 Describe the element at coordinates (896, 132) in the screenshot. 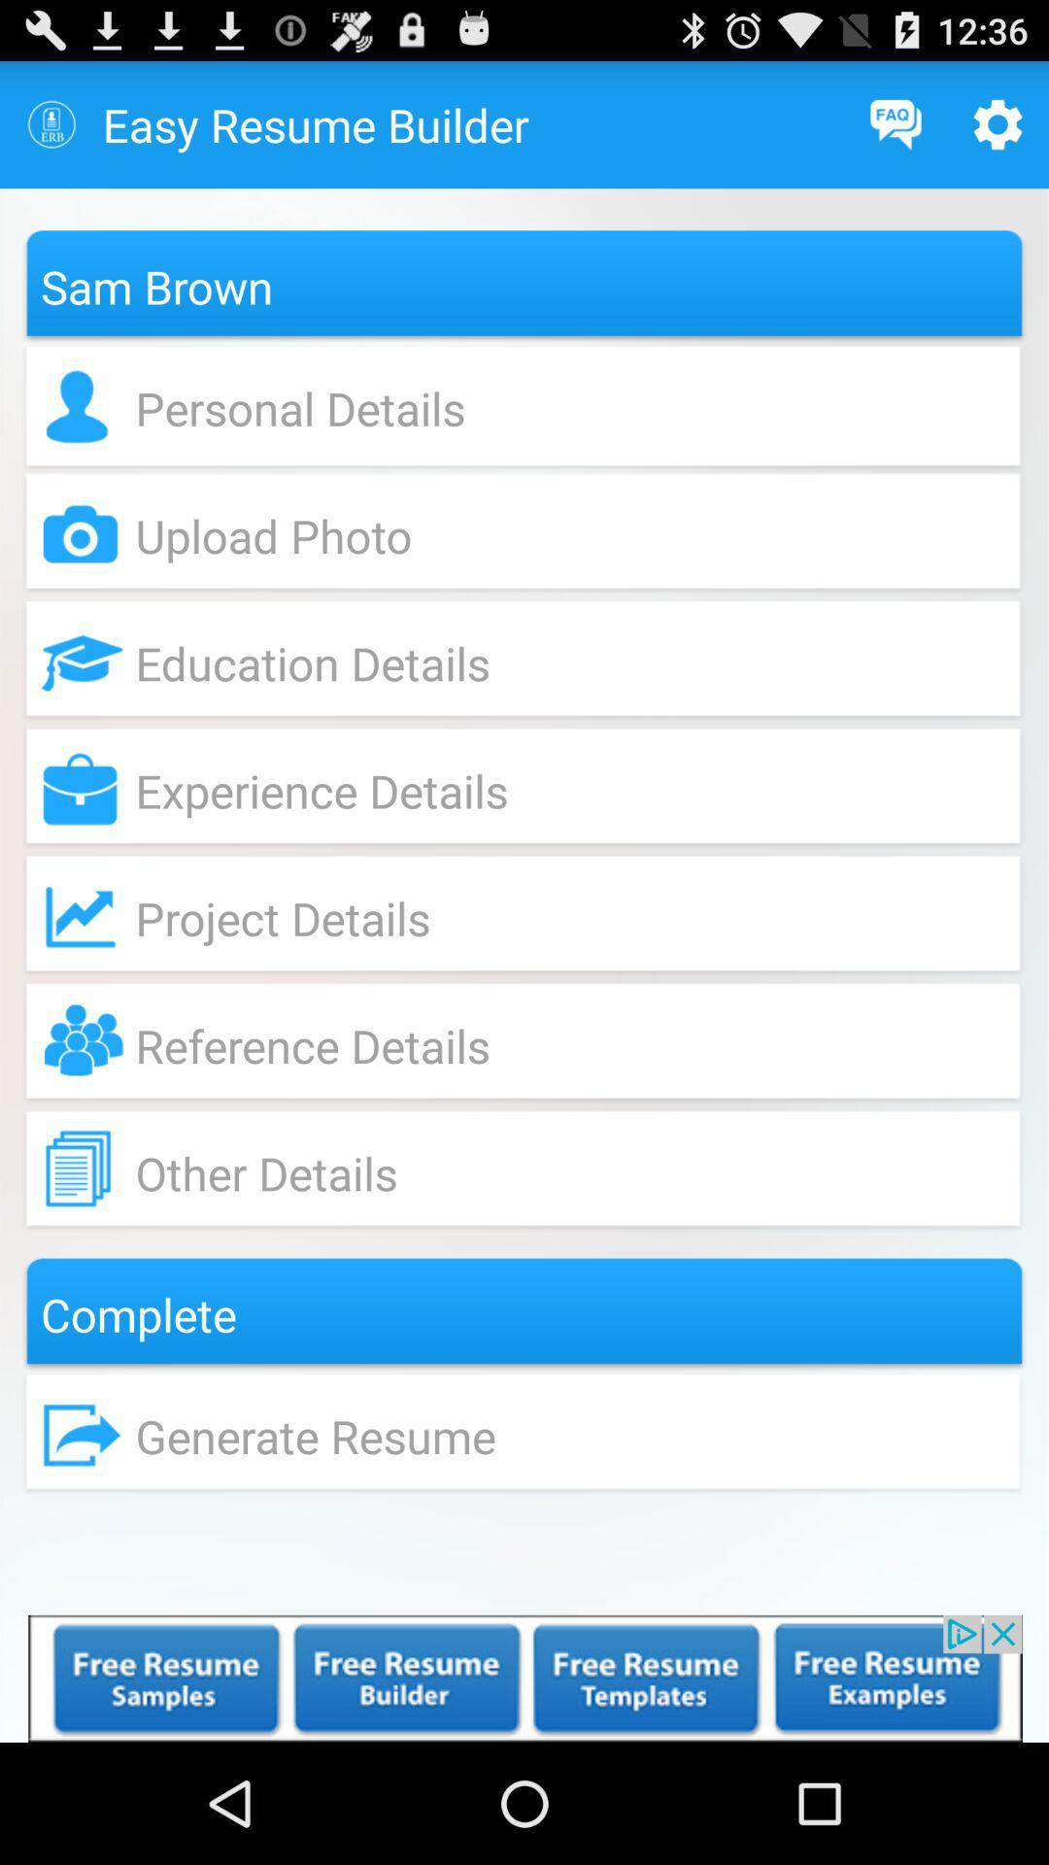

I see `the chat icon` at that location.